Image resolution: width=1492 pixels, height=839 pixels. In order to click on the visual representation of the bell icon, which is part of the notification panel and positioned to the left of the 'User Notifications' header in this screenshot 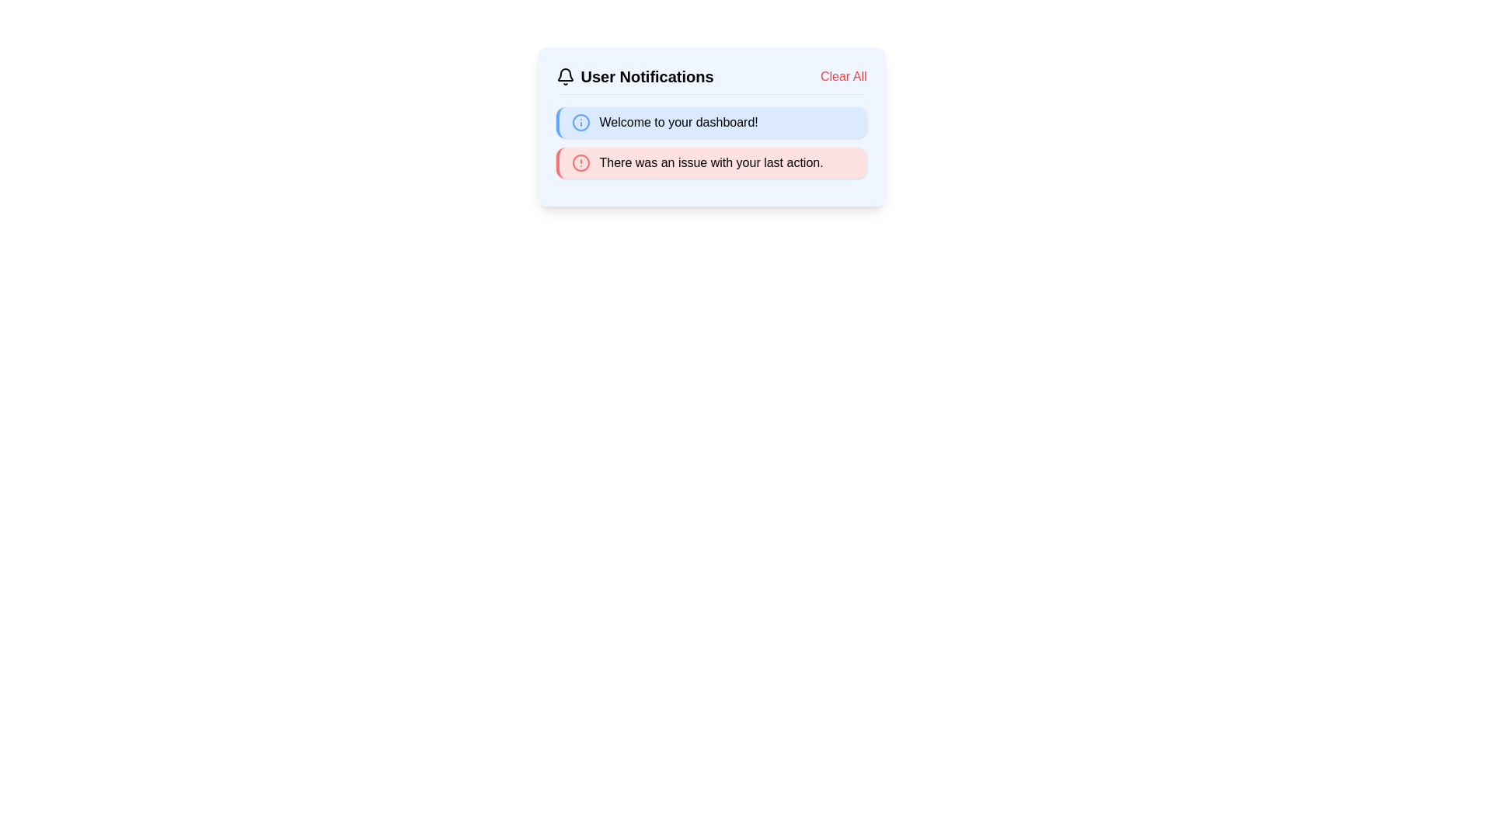, I will do `click(564, 75)`.